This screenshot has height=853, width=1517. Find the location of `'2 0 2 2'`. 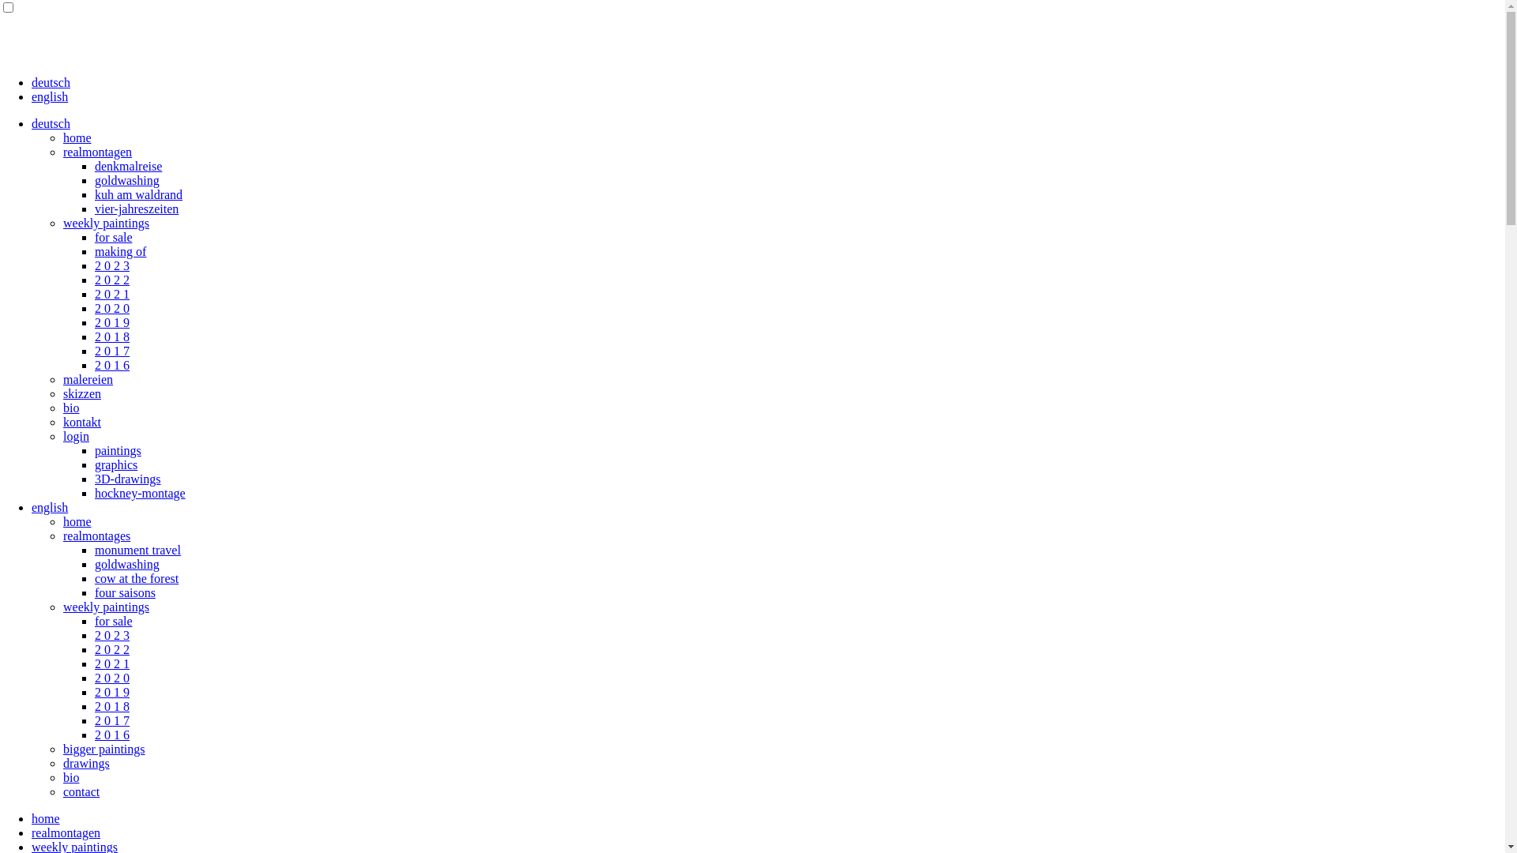

'2 0 2 2' is located at coordinates (94, 279).